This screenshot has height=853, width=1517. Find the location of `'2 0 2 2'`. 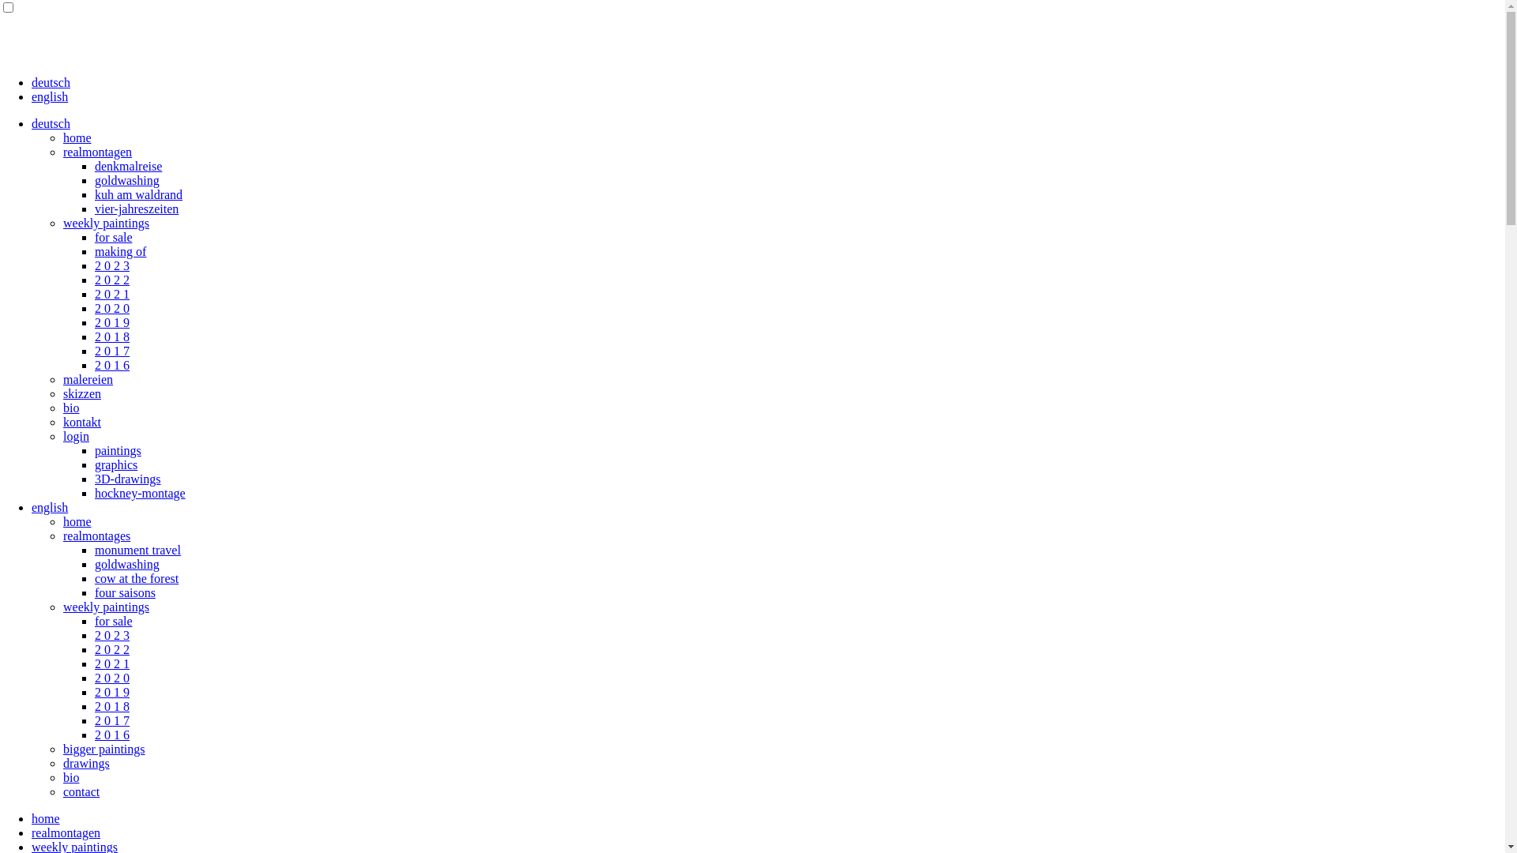

'2 0 2 2' is located at coordinates (94, 279).